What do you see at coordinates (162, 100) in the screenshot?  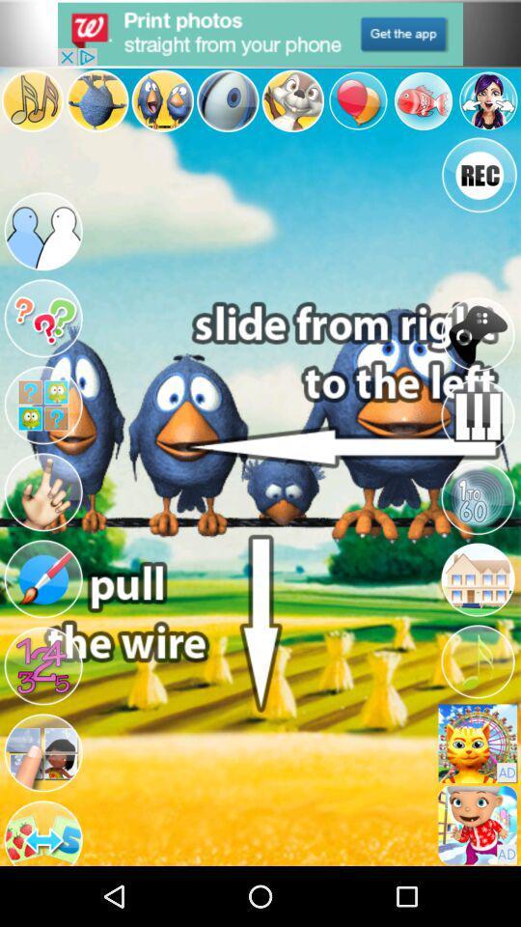 I see `the third  birds image option at the top` at bounding box center [162, 100].